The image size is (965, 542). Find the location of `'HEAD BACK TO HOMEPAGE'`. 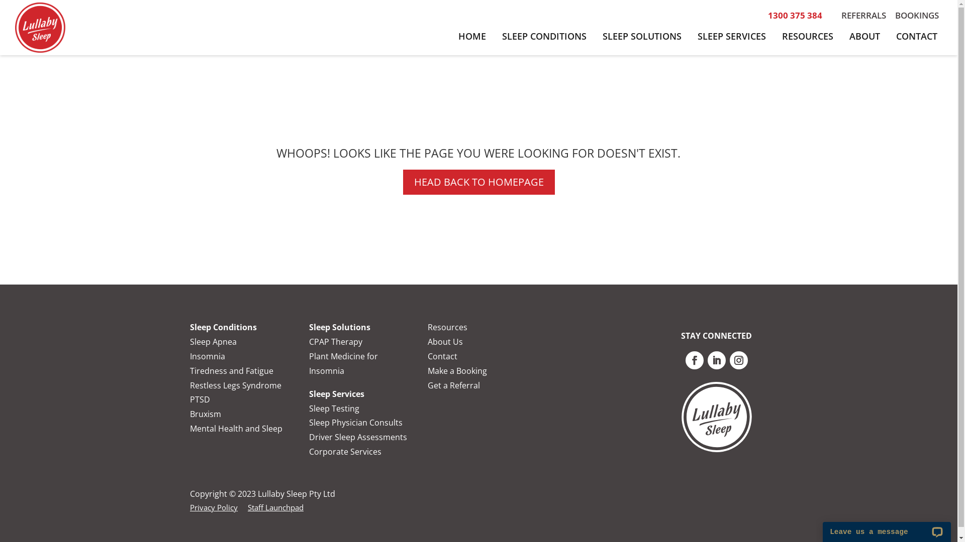

'HEAD BACK TO HOMEPAGE' is located at coordinates (478, 182).